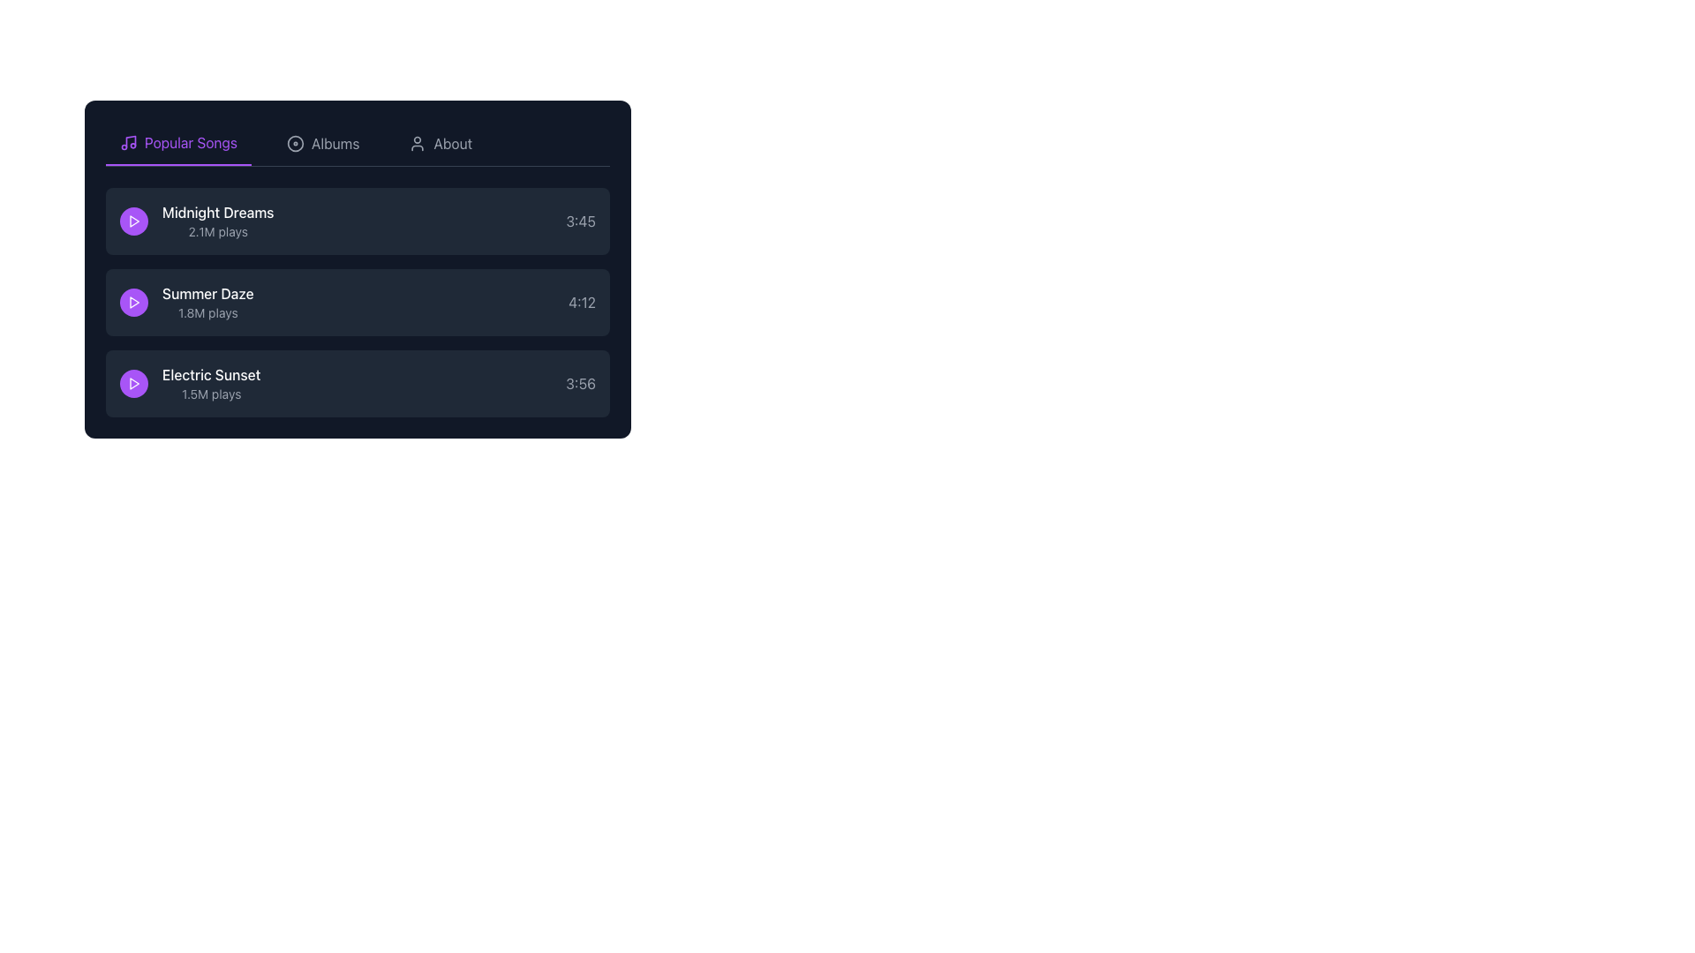 Image resolution: width=1695 pixels, height=953 pixels. I want to click on the 'Popular Songs' navigation link in the Interactive navigation tab, so click(178, 142).